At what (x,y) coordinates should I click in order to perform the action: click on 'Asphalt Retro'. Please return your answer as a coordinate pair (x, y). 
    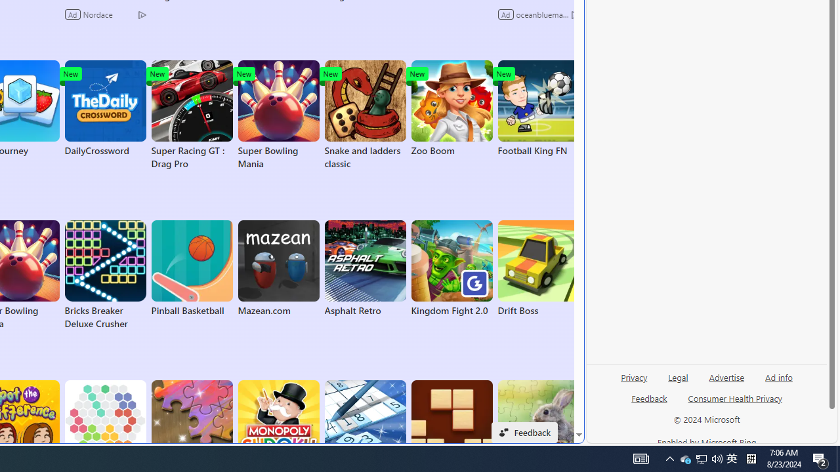
    Looking at the image, I should click on (365, 268).